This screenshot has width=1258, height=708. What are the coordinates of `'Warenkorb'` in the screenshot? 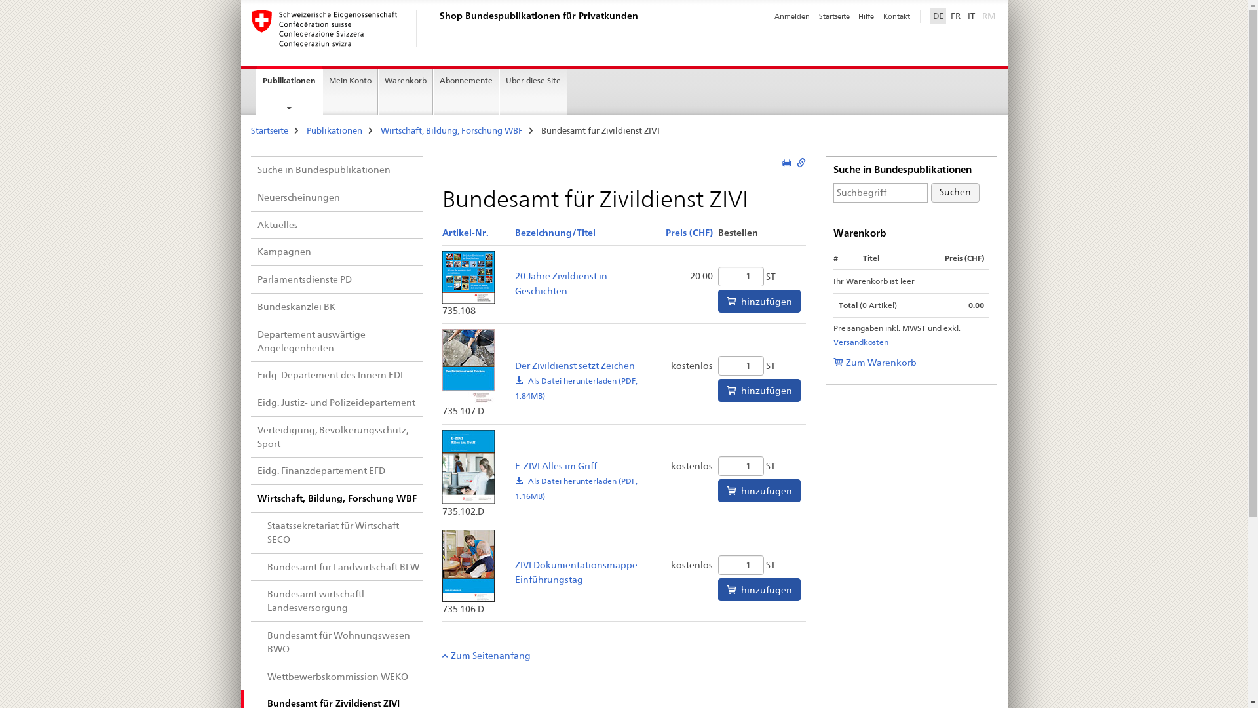 It's located at (377, 92).